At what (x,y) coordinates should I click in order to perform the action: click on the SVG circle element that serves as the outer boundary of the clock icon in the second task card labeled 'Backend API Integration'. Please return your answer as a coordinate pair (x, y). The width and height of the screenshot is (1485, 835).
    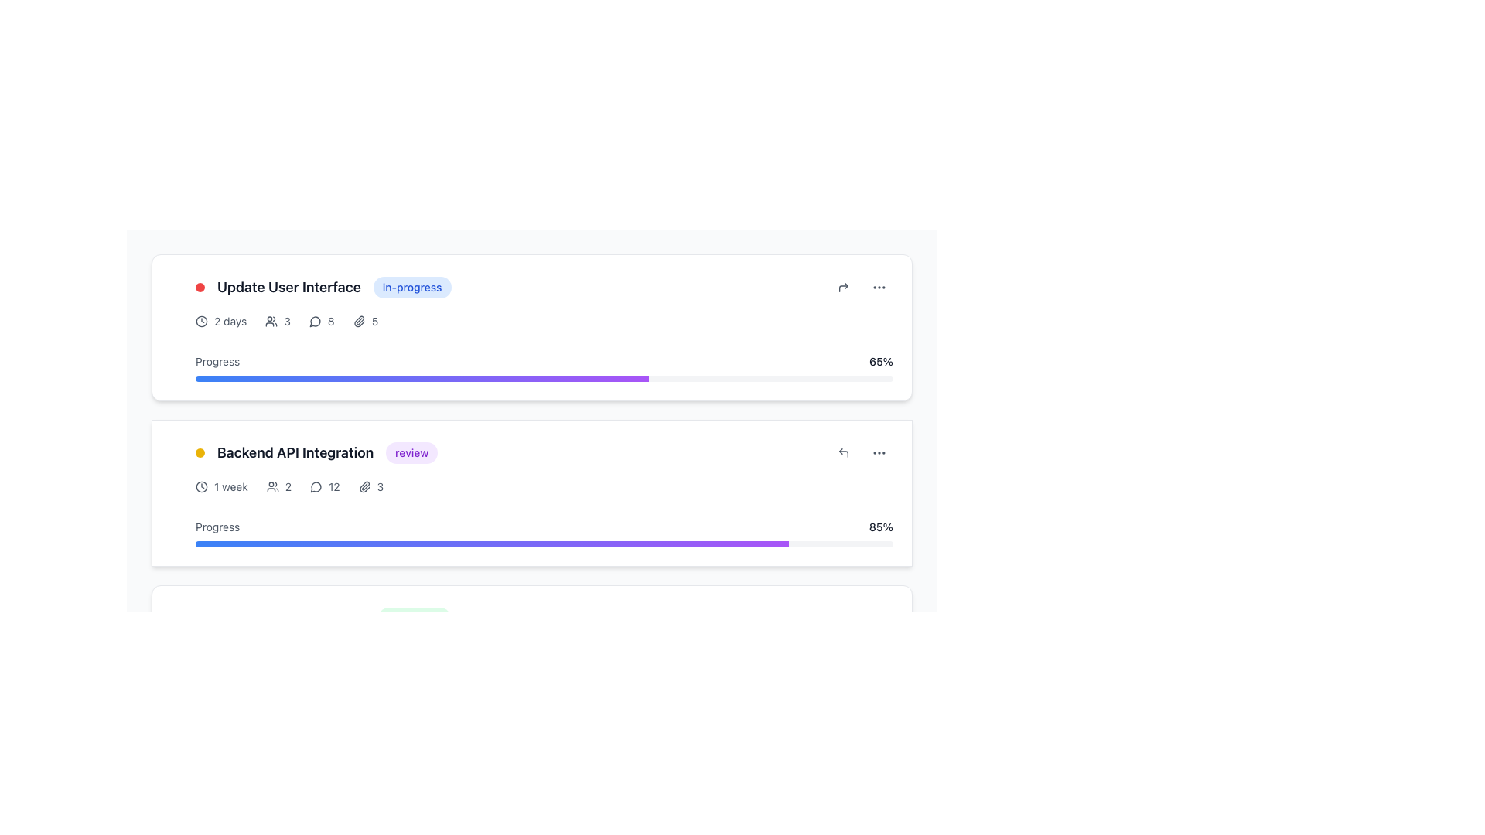
    Looking at the image, I should click on (200, 486).